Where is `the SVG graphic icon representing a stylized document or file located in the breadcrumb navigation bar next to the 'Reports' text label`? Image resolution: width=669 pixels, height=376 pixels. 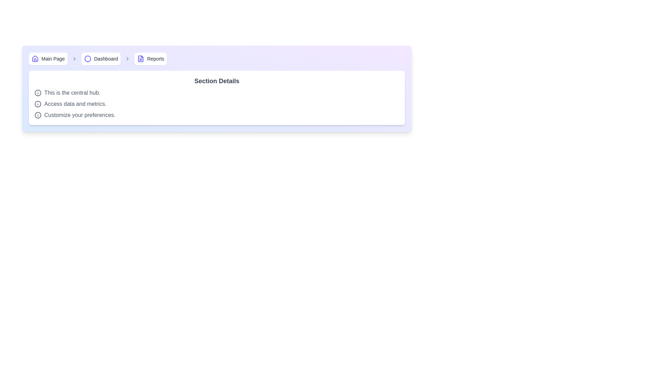 the SVG graphic icon representing a stylized document or file located in the breadcrumb navigation bar next to the 'Reports' text label is located at coordinates (140, 58).